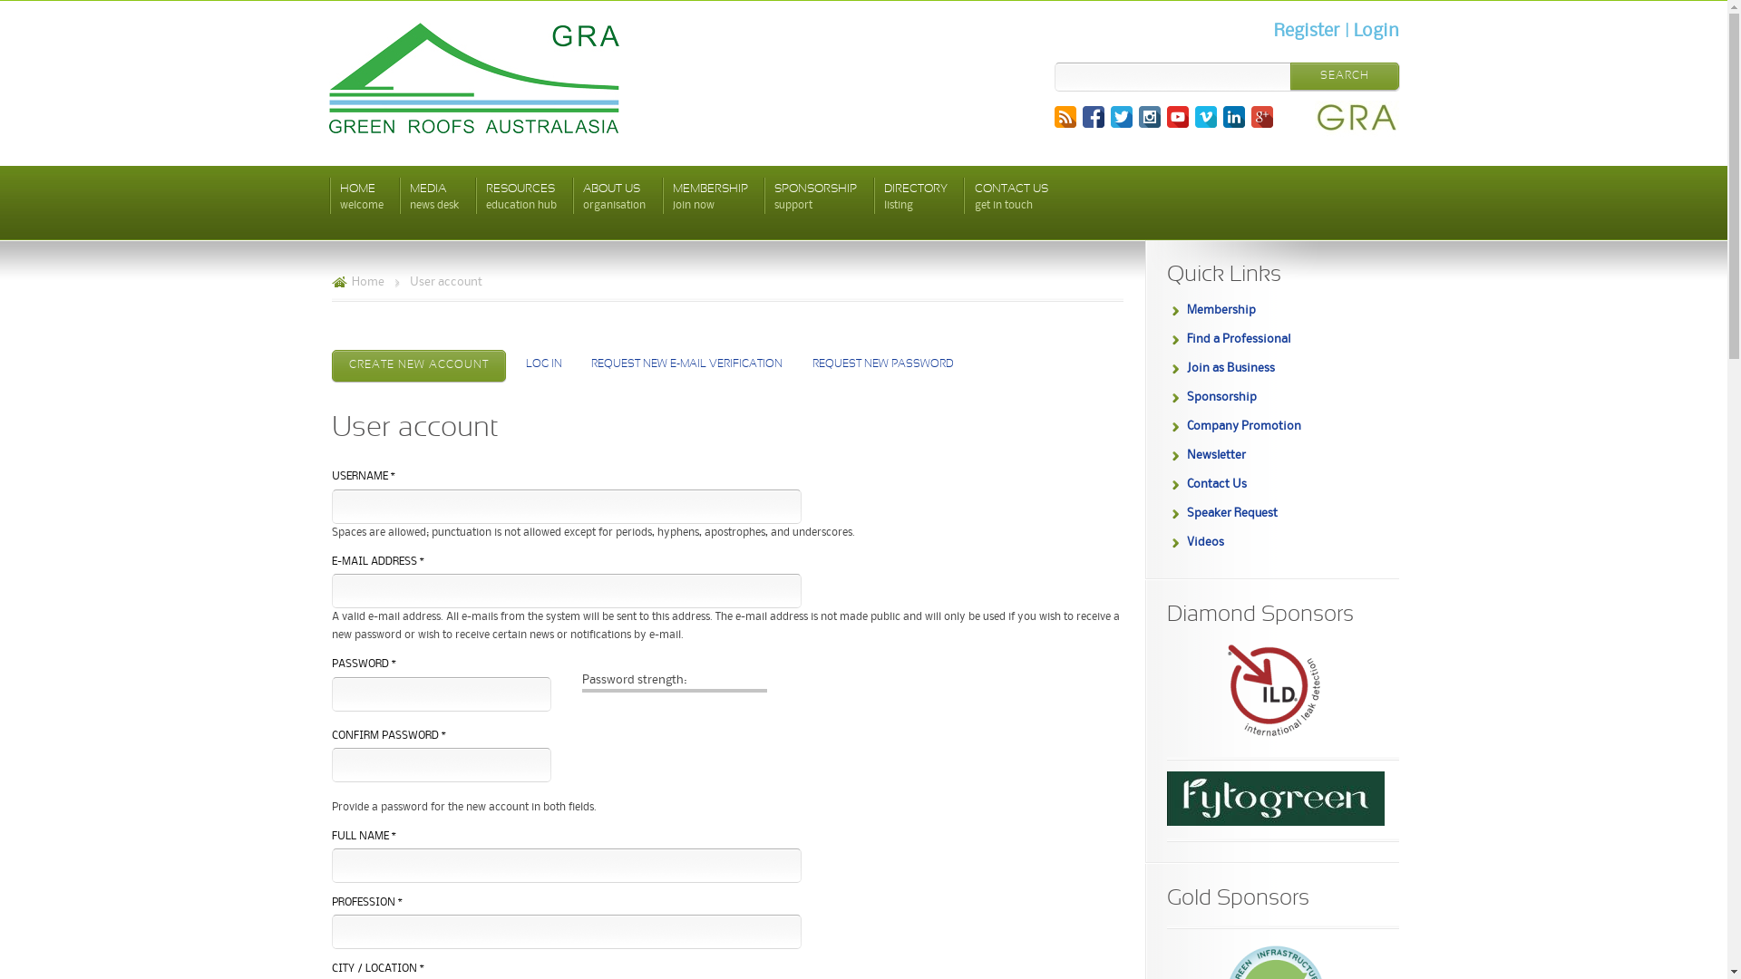 The width and height of the screenshot is (1741, 979). What do you see at coordinates (1264, 119) in the screenshot?
I see `'Google+'` at bounding box center [1264, 119].